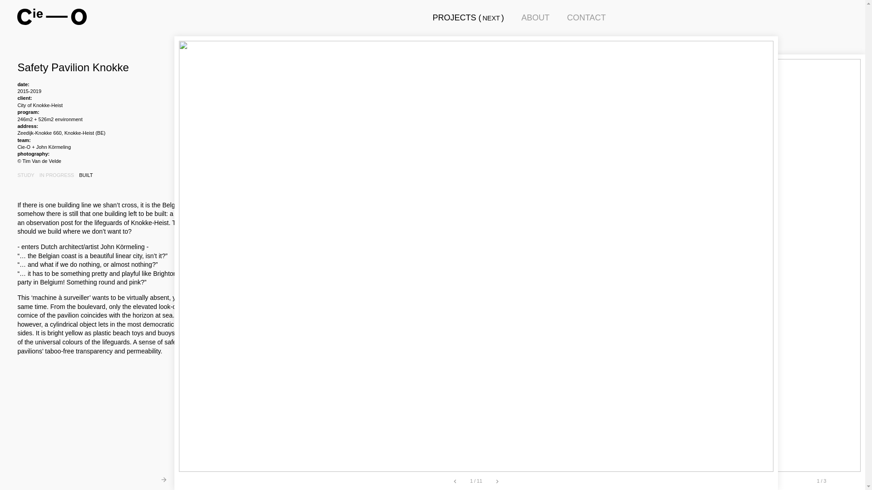  Describe the element at coordinates (454, 17) in the screenshot. I see `'PROJECTS'` at that location.